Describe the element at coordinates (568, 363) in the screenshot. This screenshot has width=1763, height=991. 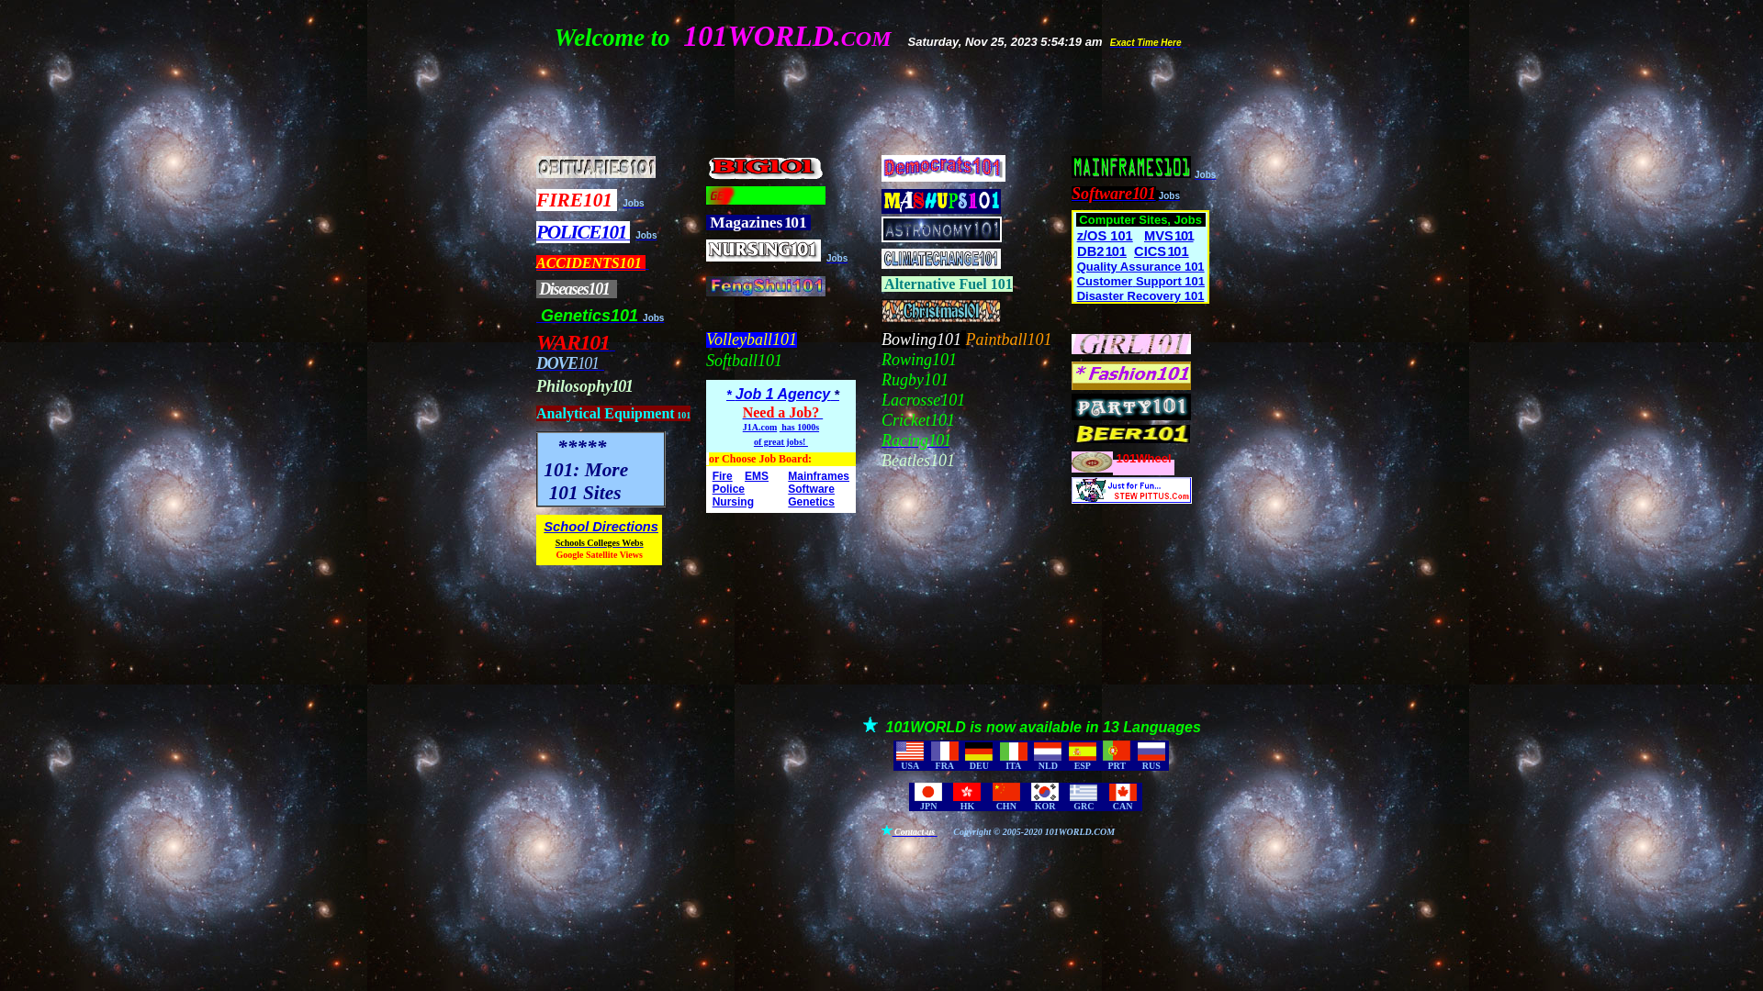
I see `'DOVE101  '` at that location.